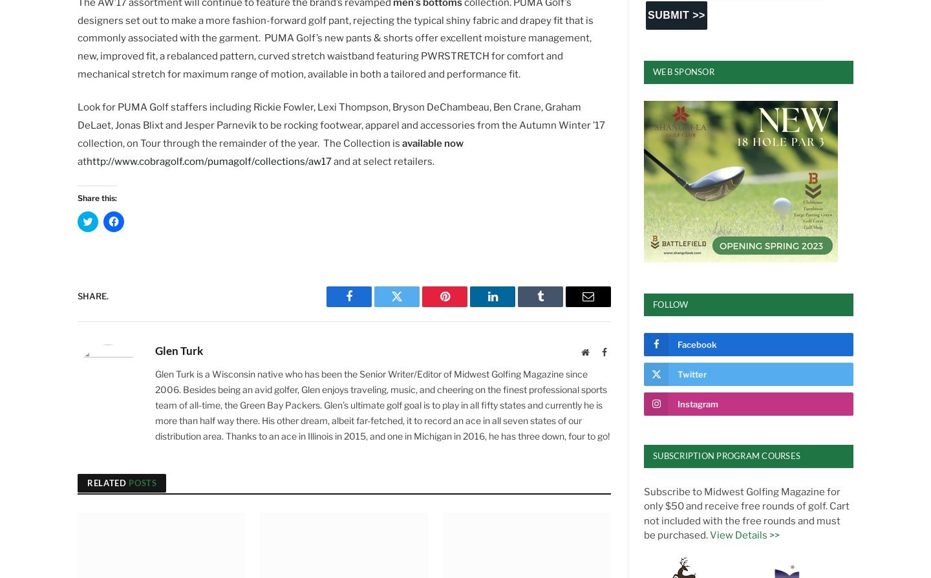 The height and width of the screenshot is (578, 931). Describe the element at coordinates (96, 197) in the screenshot. I see `'Share this:'` at that location.